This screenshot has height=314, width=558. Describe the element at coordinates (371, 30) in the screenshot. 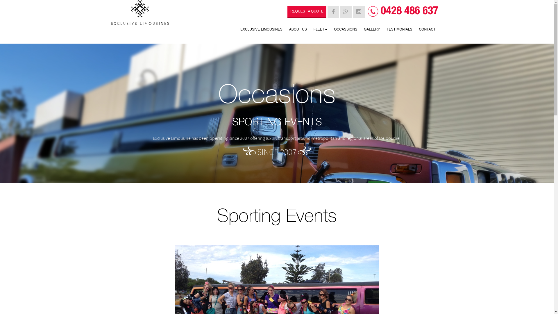

I see `'GALLERY'` at that location.